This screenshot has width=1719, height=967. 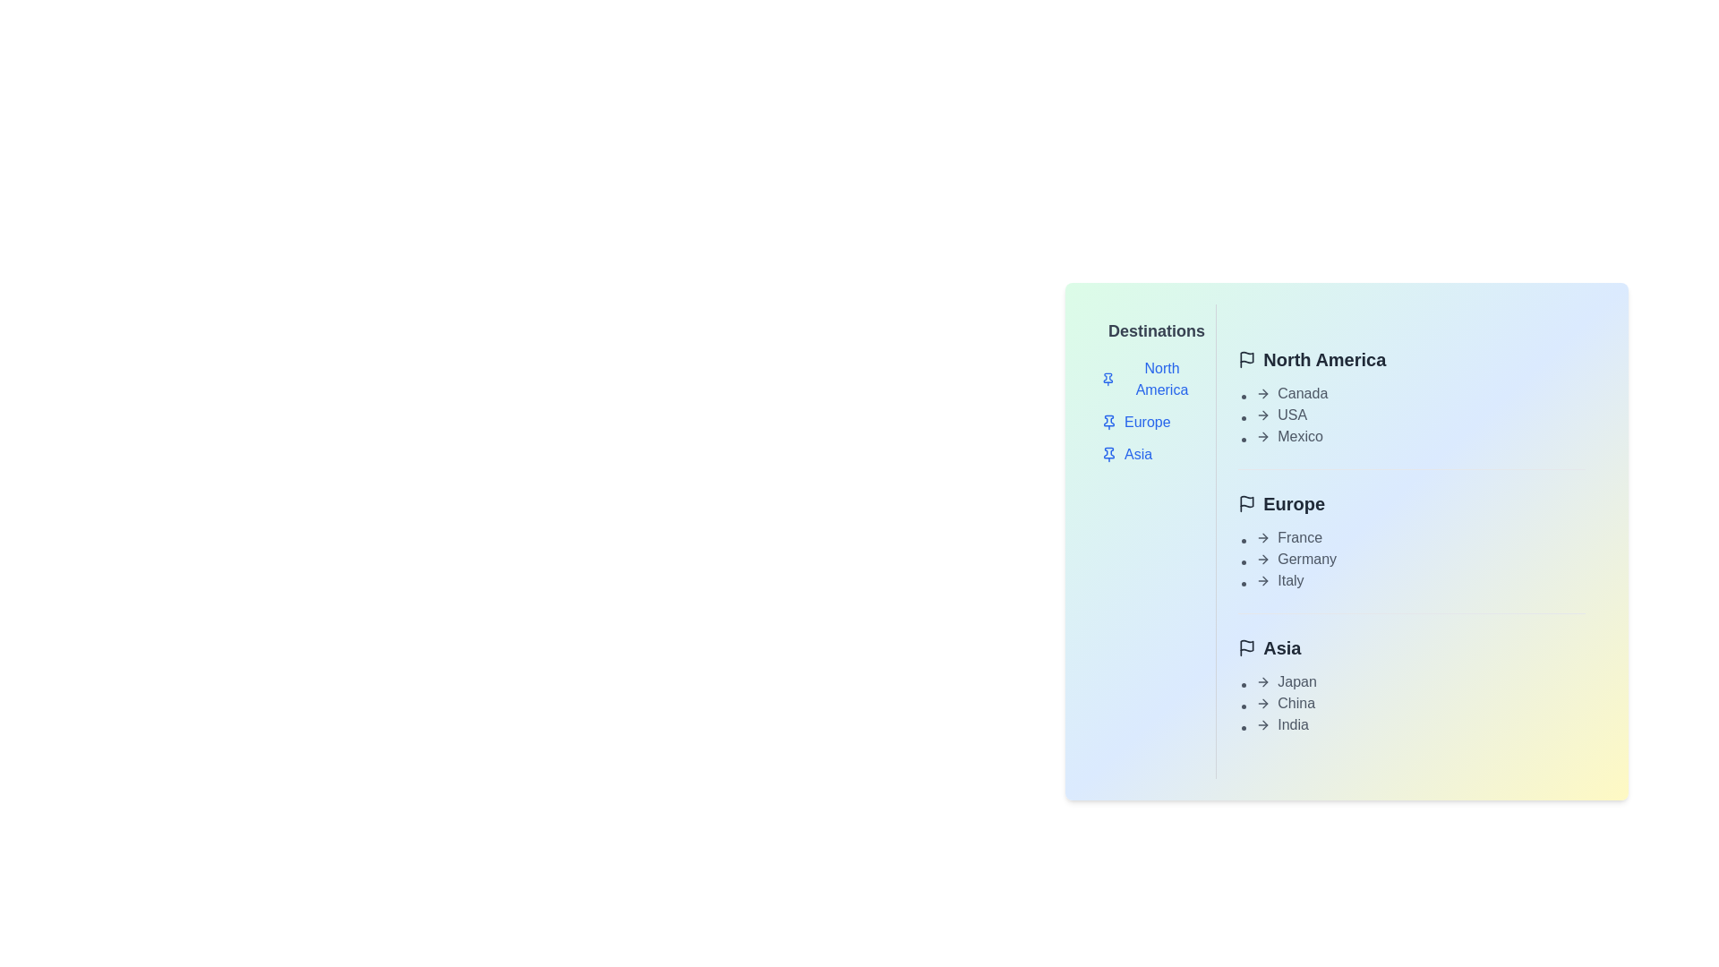 I want to click on the 'Italy' hyperlink in the navigation menu, so click(x=1420, y=580).